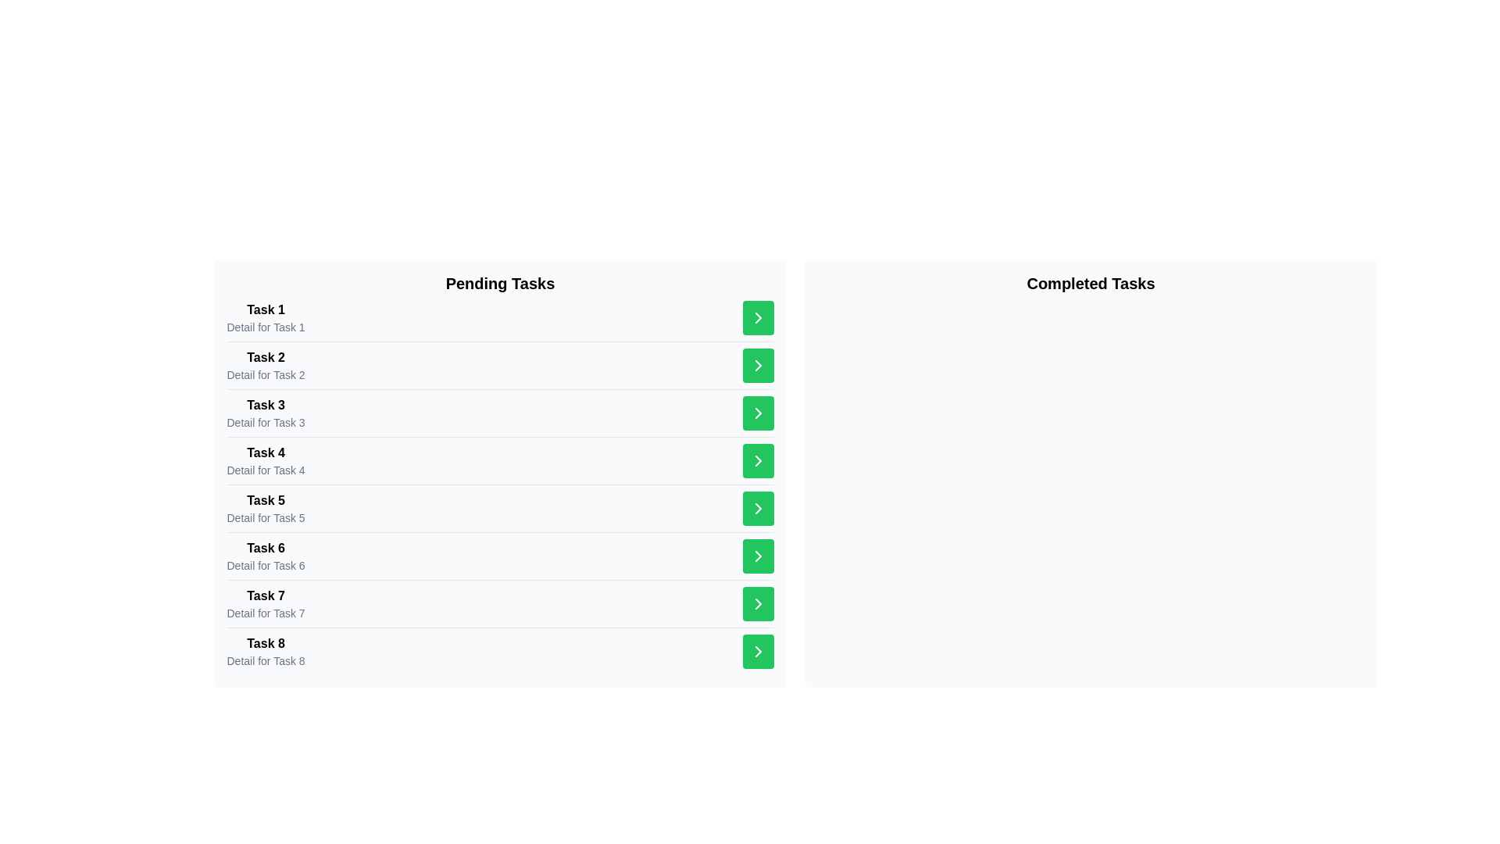 The image size is (1500, 844). Describe the element at coordinates (758, 651) in the screenshot. I see `the green button with a white arrow on the right side of the row labeled 'Task 8'` at that location.